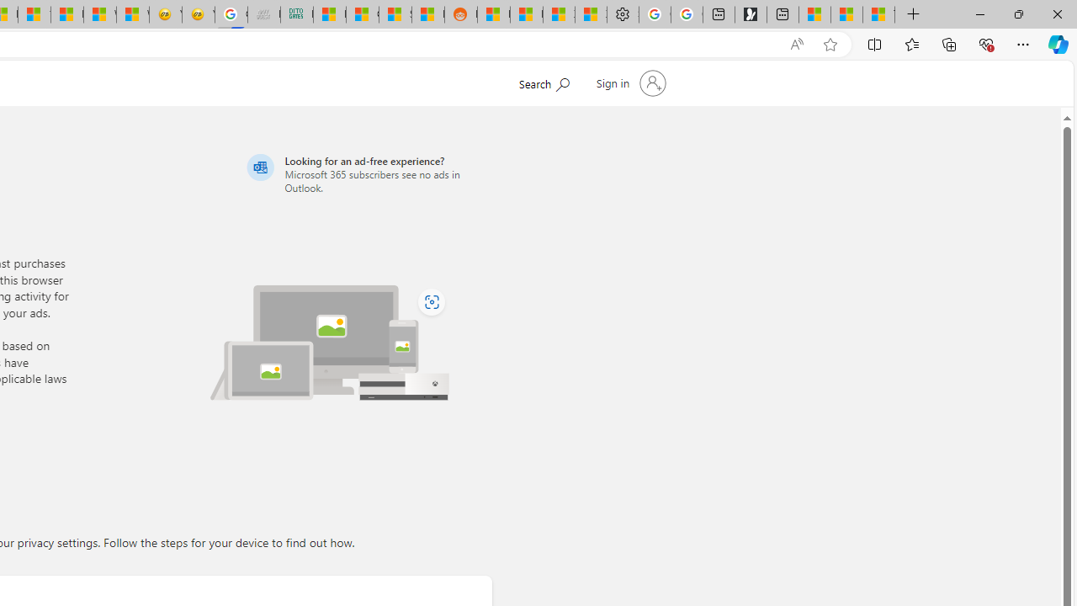 Image resolution: width=1077 pixels, height=606 pixels. What do you see at coordinates (330, 342) in the screenshot?
I see `'Illustration of multiple devices'` at bounding box center [330, 342].